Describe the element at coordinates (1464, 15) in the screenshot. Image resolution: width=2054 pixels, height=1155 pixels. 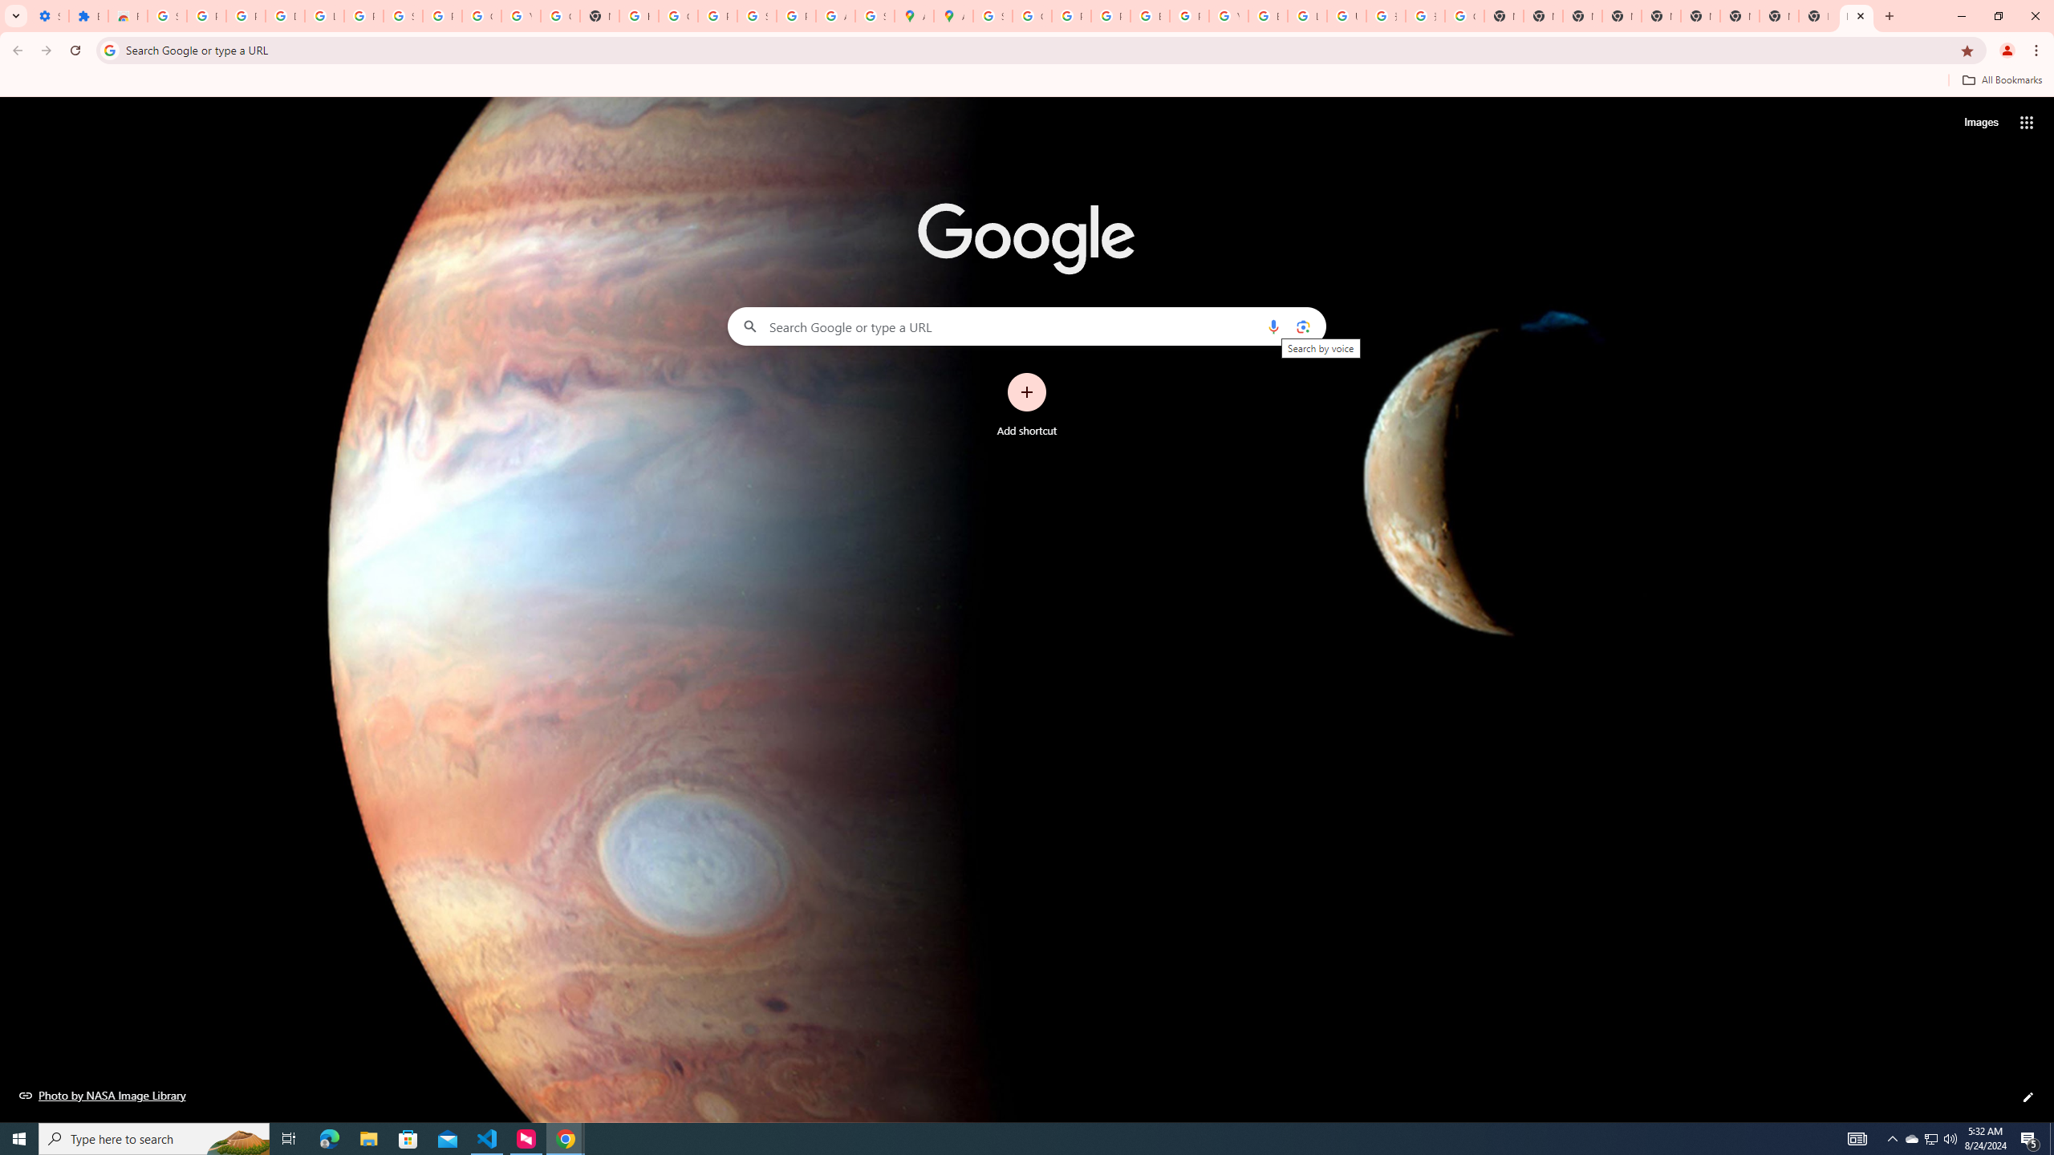
I see `'Google Images'` at that location.